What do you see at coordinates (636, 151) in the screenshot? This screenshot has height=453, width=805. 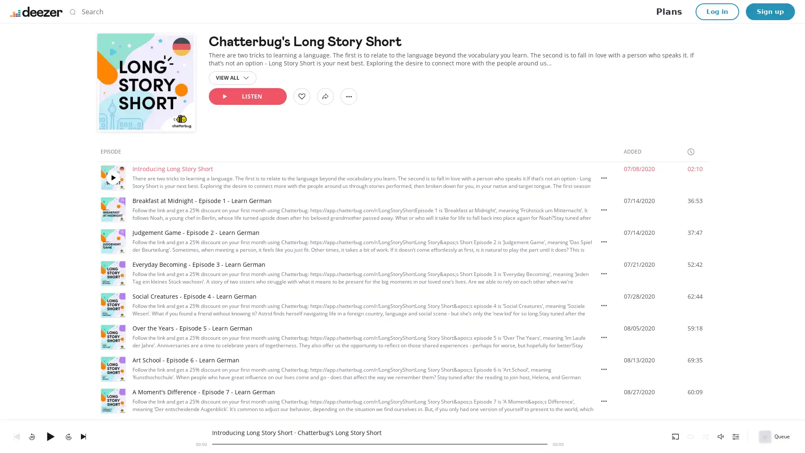 I see `ADDED` at bounding box center [636, 151].